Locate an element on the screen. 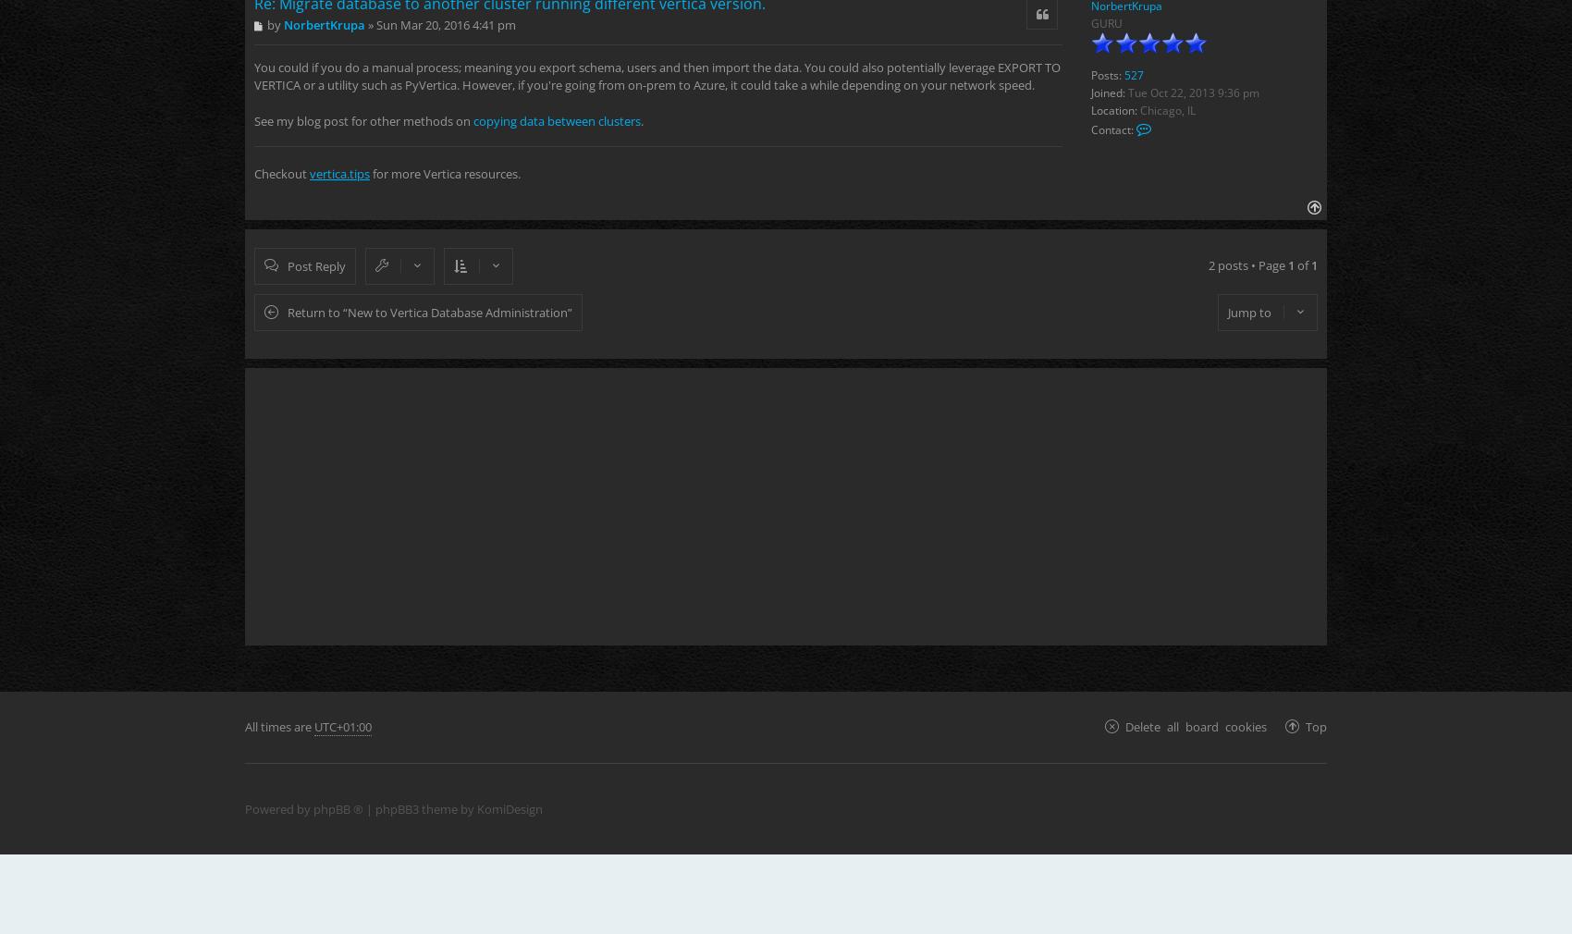 This screenshot has height=934, width=1572. 'by' is located at coordinates (276, 22).